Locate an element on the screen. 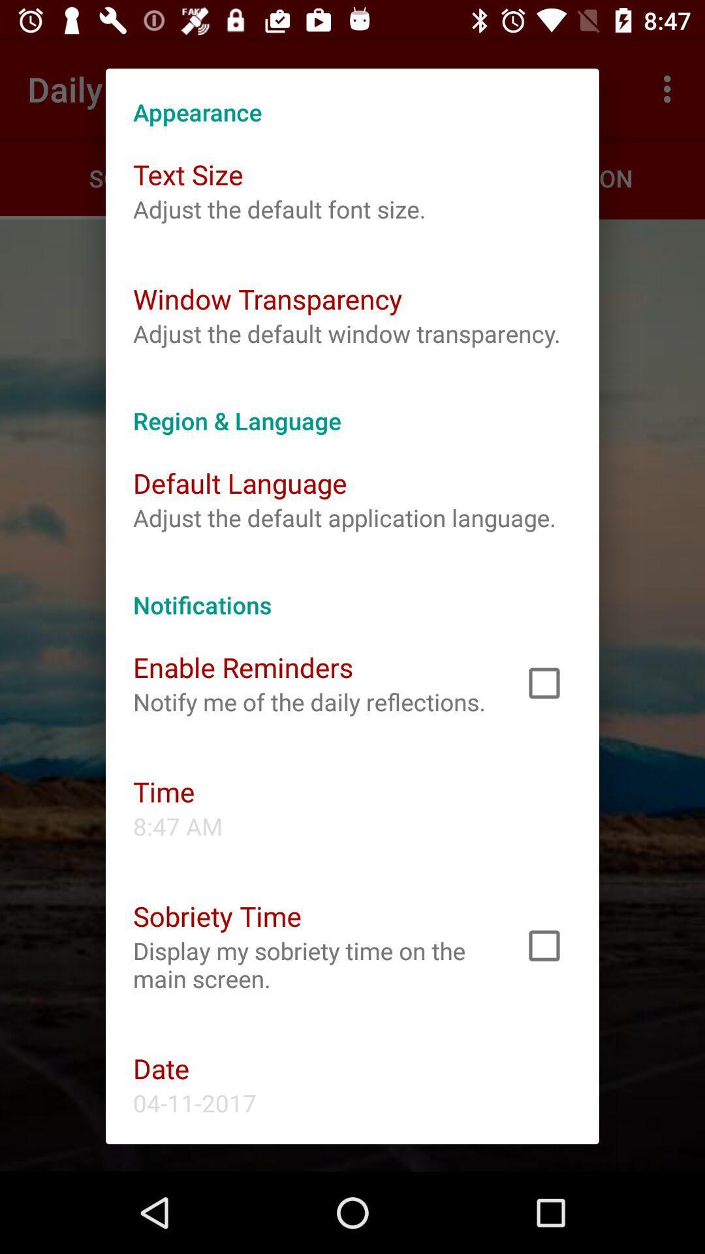  the item above the text size icon is located at coordinates (352, 97).